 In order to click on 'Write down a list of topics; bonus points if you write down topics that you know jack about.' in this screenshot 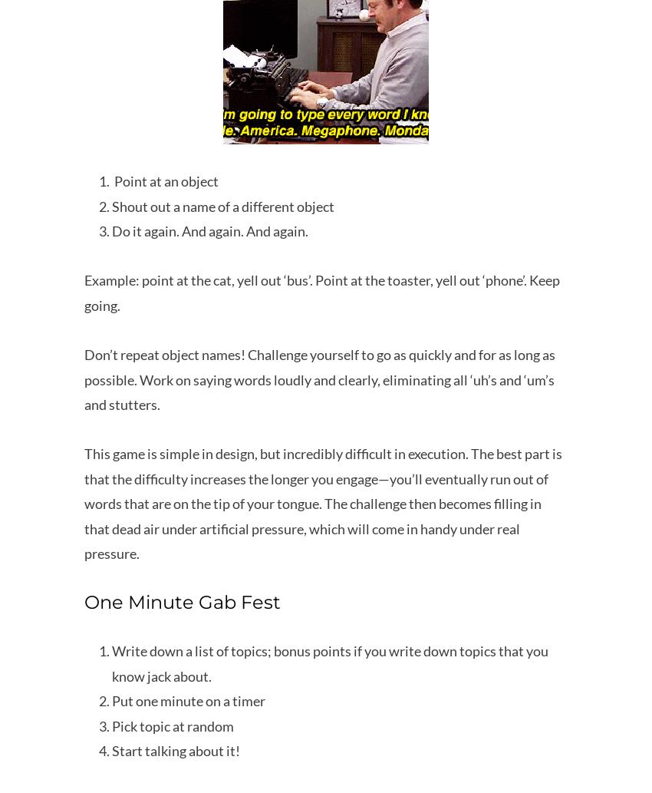, I will do `click(329, 662)`.